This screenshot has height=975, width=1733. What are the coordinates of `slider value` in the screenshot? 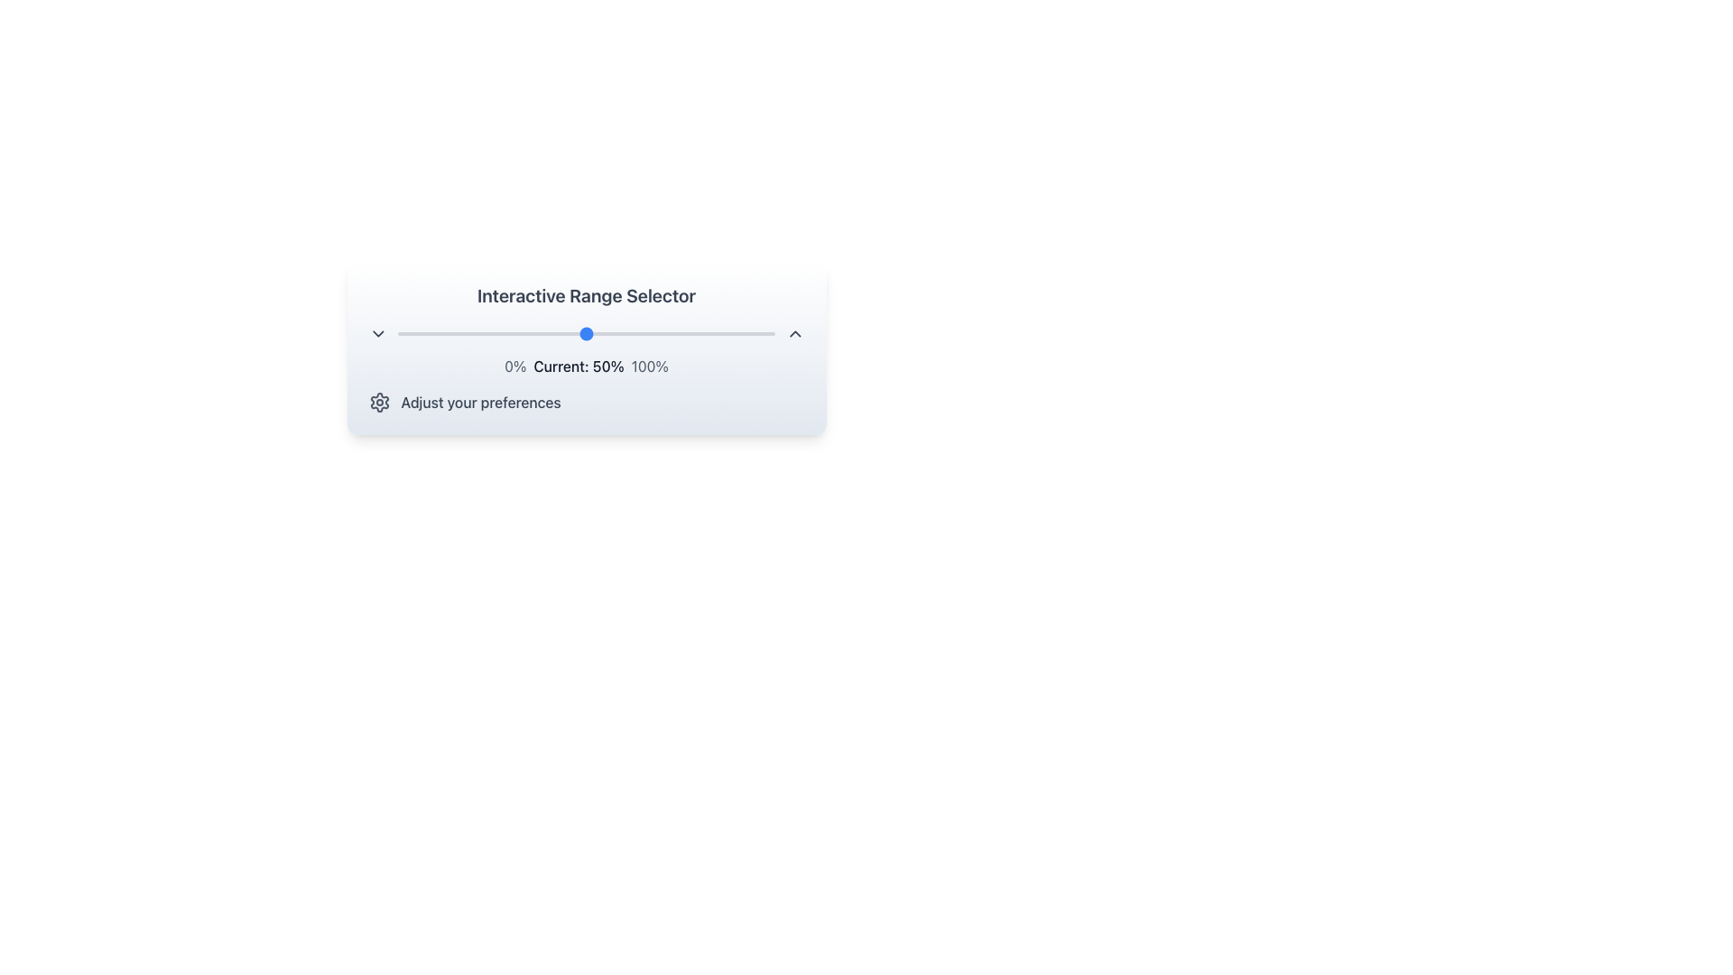 It's located at (706, 334).